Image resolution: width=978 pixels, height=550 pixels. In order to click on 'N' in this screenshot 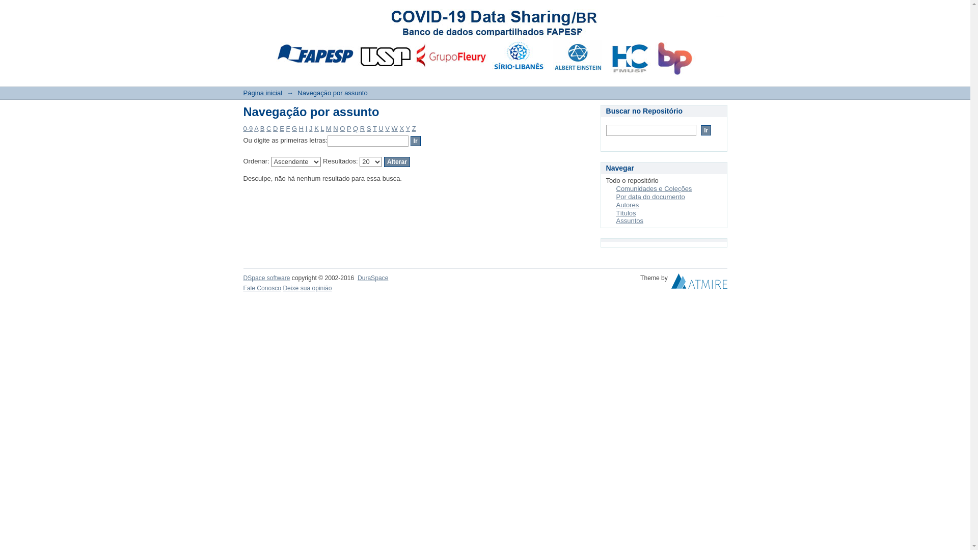, I will do `click(335, 128)`.